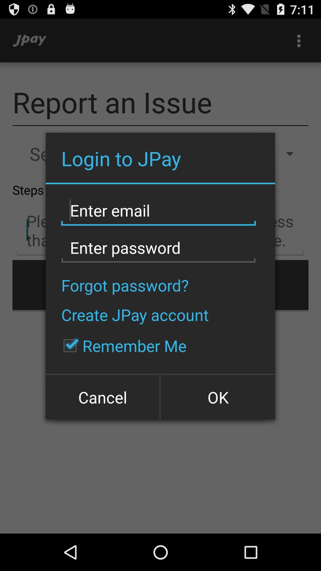 The width and height of the screenshot is (321, 571). What do you see at coordinates (158, 211) in the screenshot?
I see `type your email` at bounding box center [158, 211].